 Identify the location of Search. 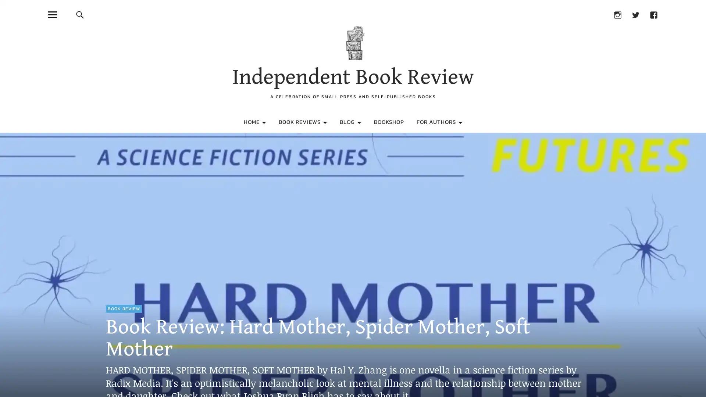
(79, 14).